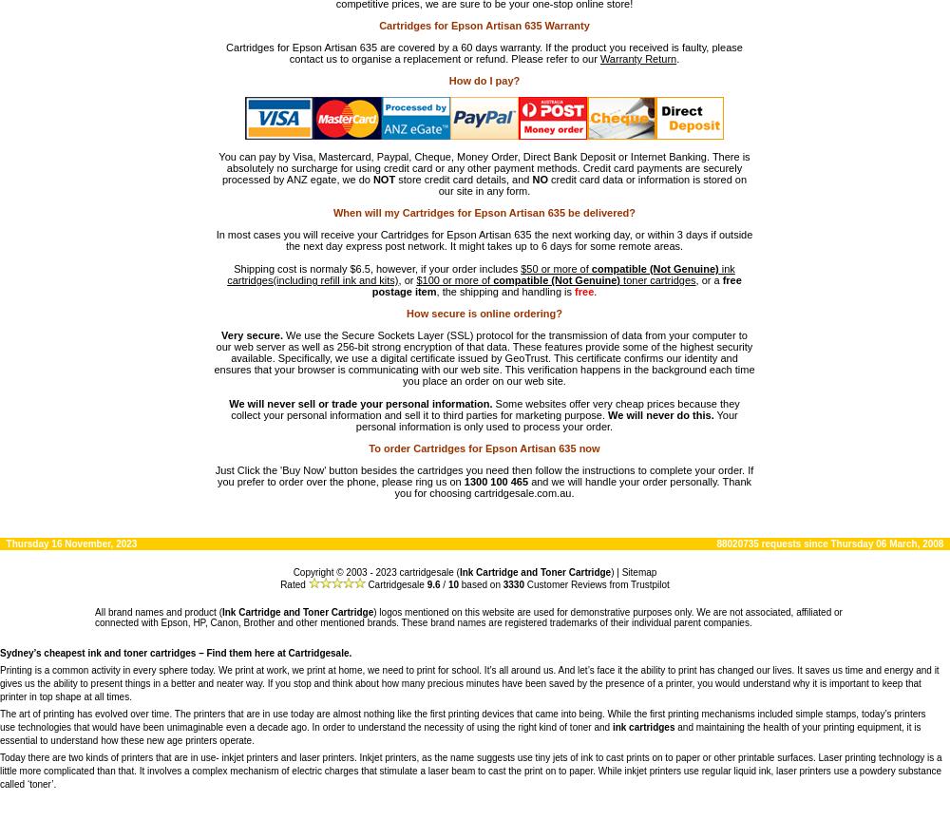  I want to click on 'free', so click(583, 290).